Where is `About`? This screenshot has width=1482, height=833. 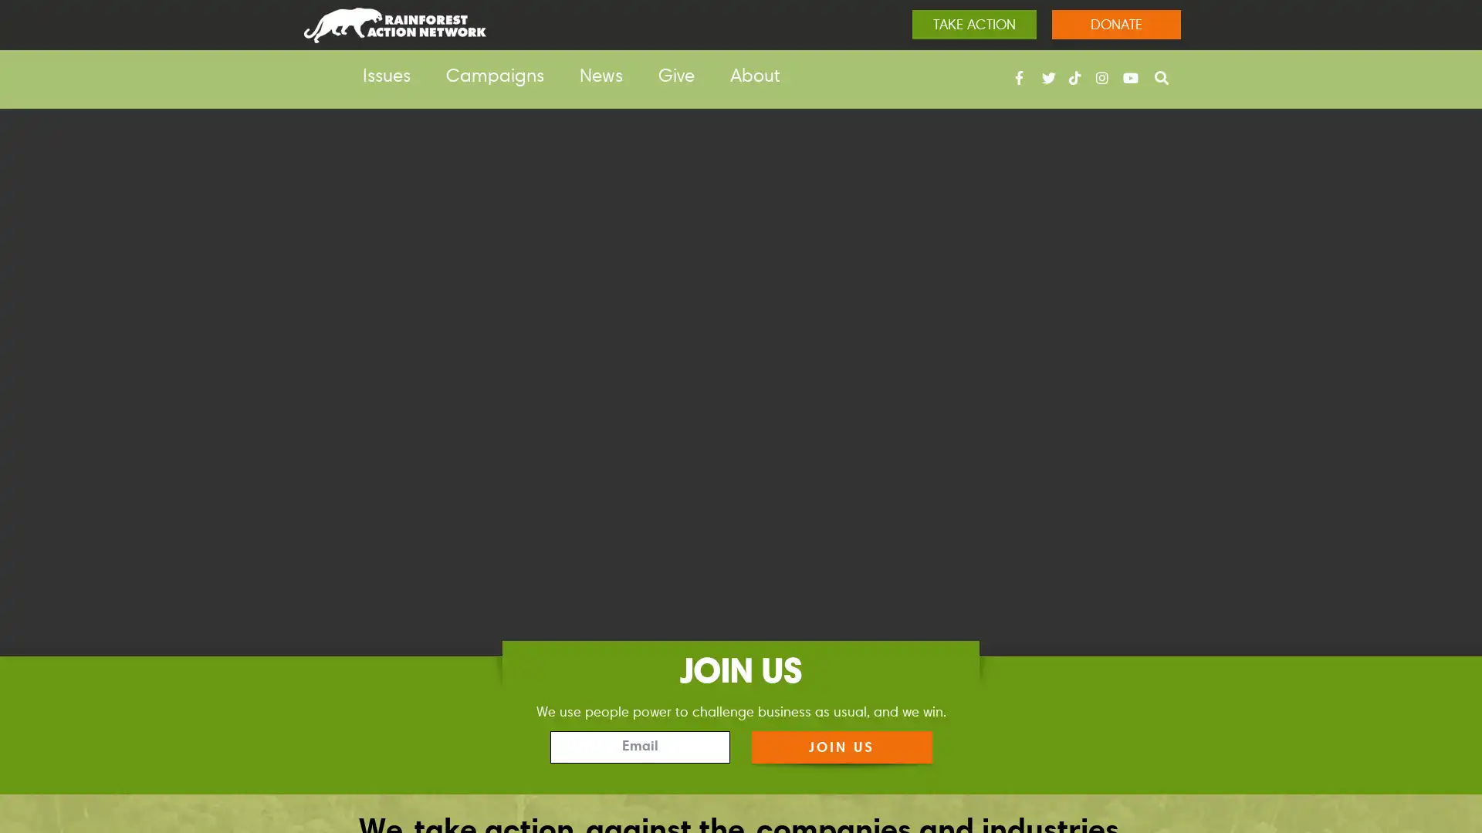 About is located at coordinates (755, 77).